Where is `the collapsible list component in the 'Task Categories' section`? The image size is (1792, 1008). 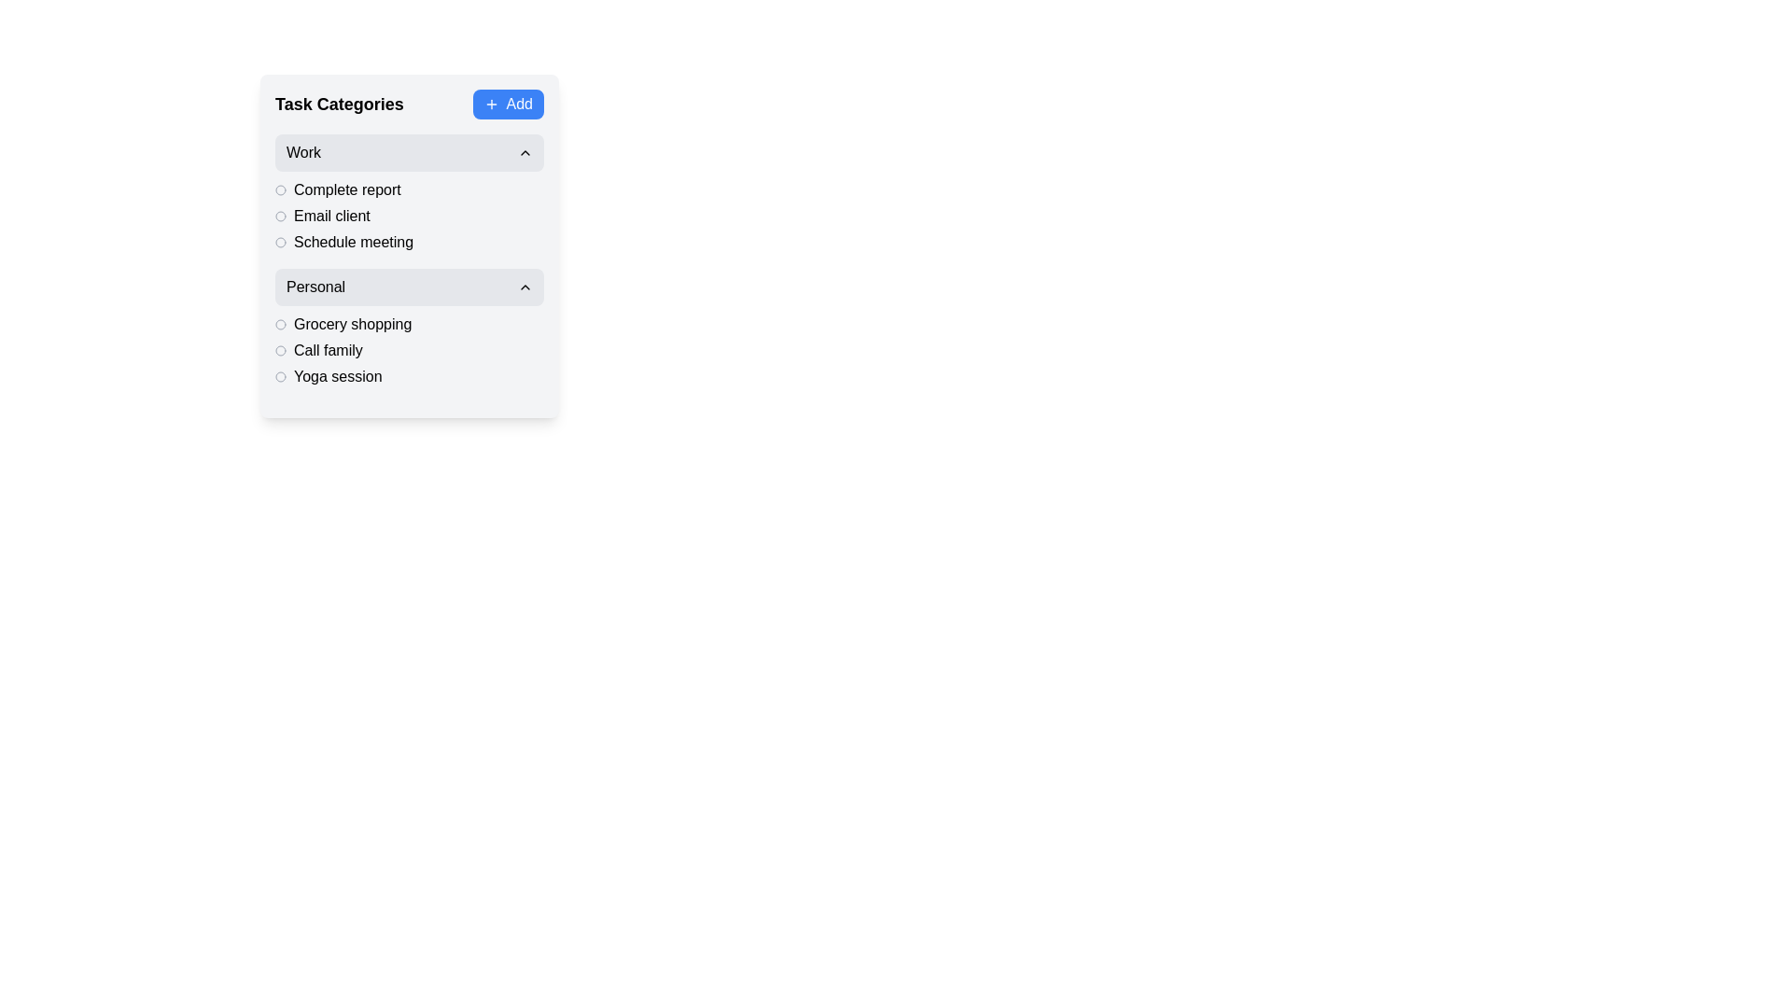 the collapsible list component in the 'Task Categories' section is located at coordinates (408, 261).